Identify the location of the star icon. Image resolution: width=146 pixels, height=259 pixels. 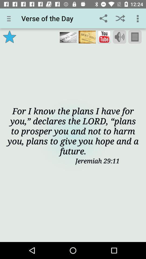
(9, 36).